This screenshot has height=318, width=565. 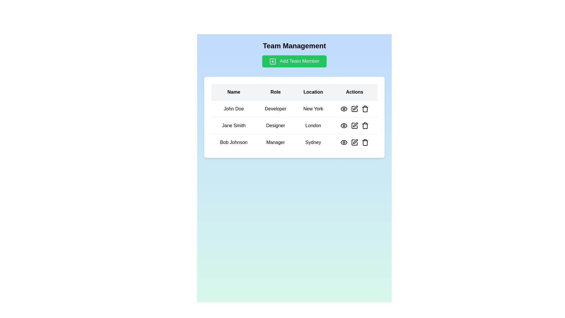 I want to click on the 'edit' SVG icon in the Actions column for the user 'Jane Smith' to modify the user's details, so click(x=354, y=125).